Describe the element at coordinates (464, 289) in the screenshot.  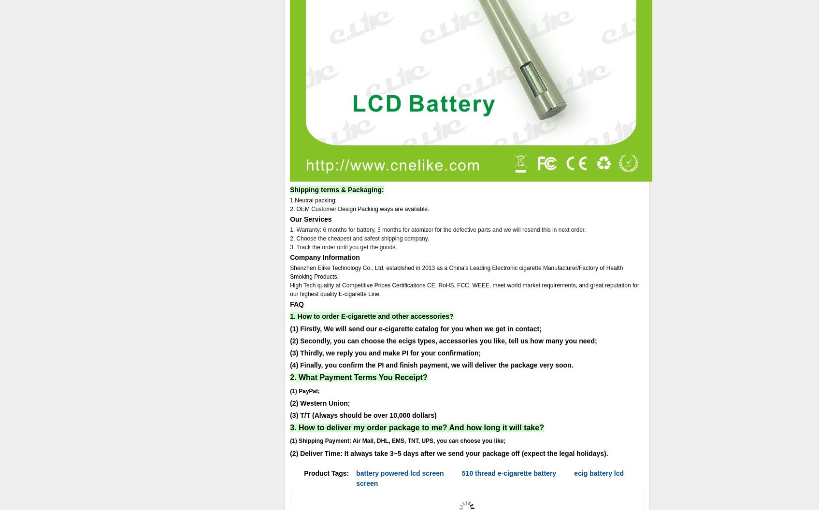
I see `'High Tech quality at Competitive Prices Certifications CE, RoHS, FCC, WEEE, meet world market requirements, and great reputation for our highest quality E-cigarette Line.'` at that location.